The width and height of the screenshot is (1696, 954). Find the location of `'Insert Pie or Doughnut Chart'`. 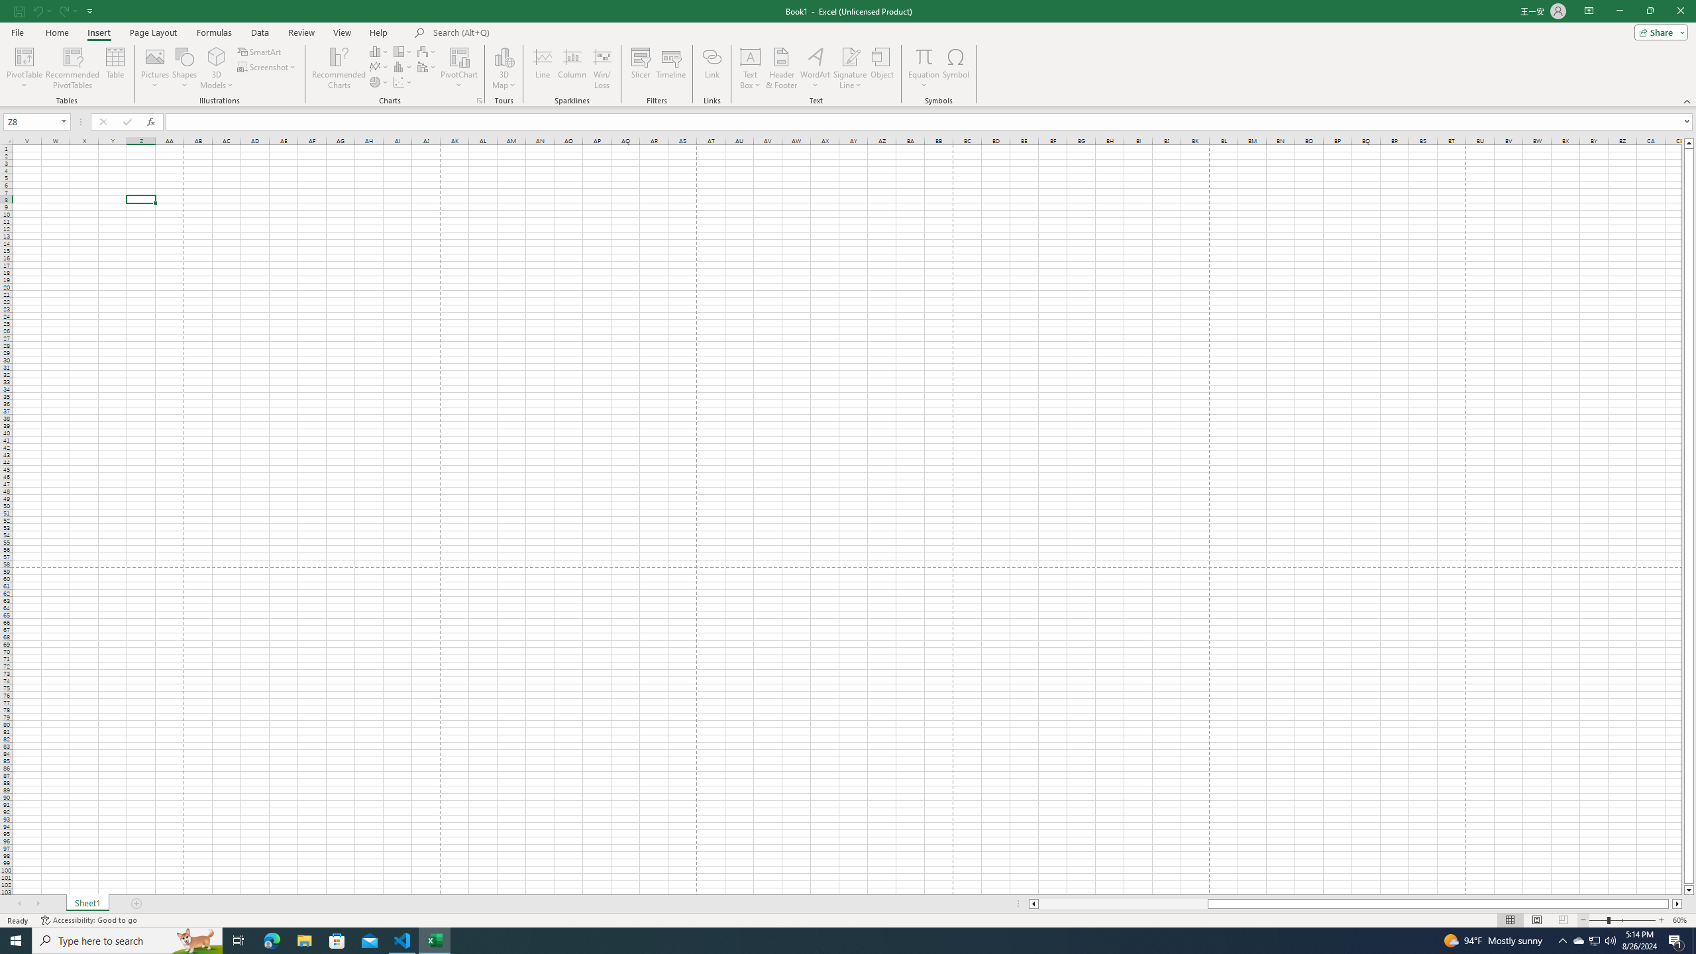

'Insert Pie or Doughnut Chart' is located at coordinates (379, 81).